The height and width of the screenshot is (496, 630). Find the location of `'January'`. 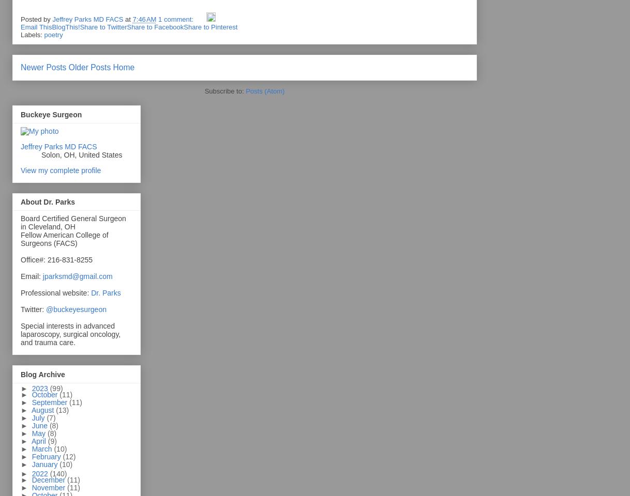

'January' is located at coordinates (45, 463).